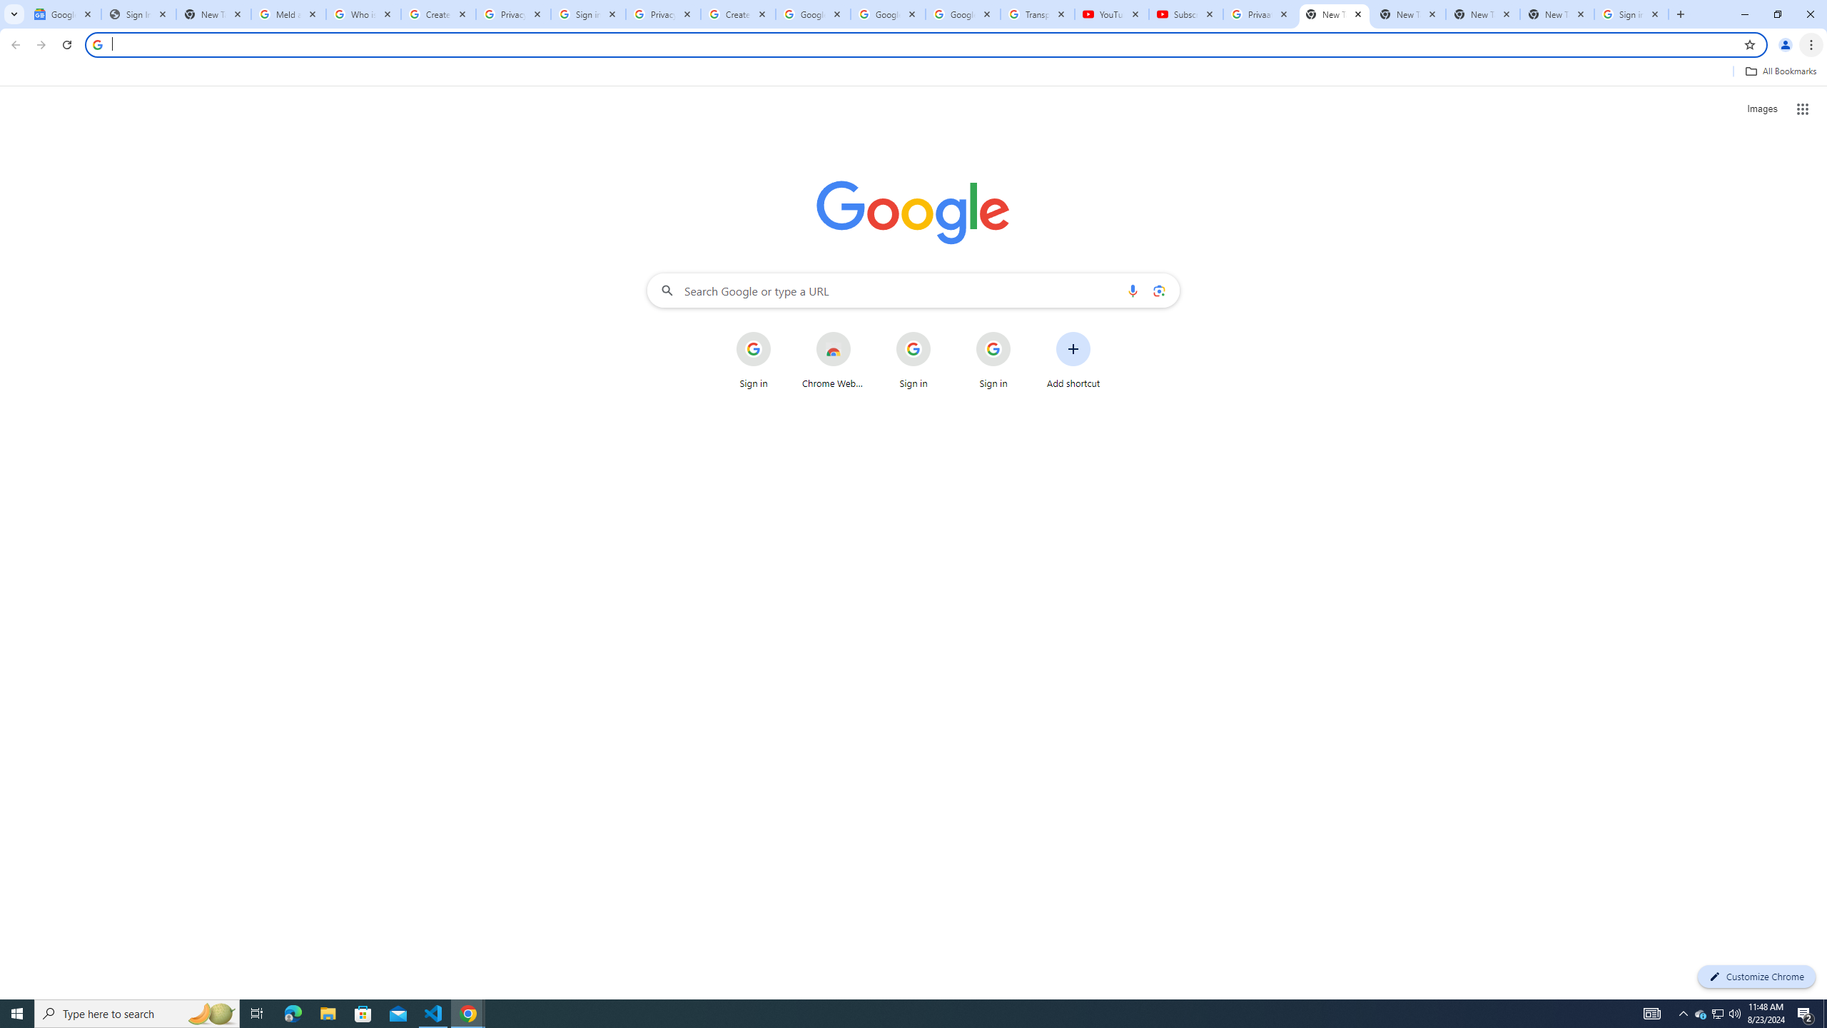 The height and width of the screenshot is (1028, 1827). I want to click on 'Create your Google Account', so click(738, 14).